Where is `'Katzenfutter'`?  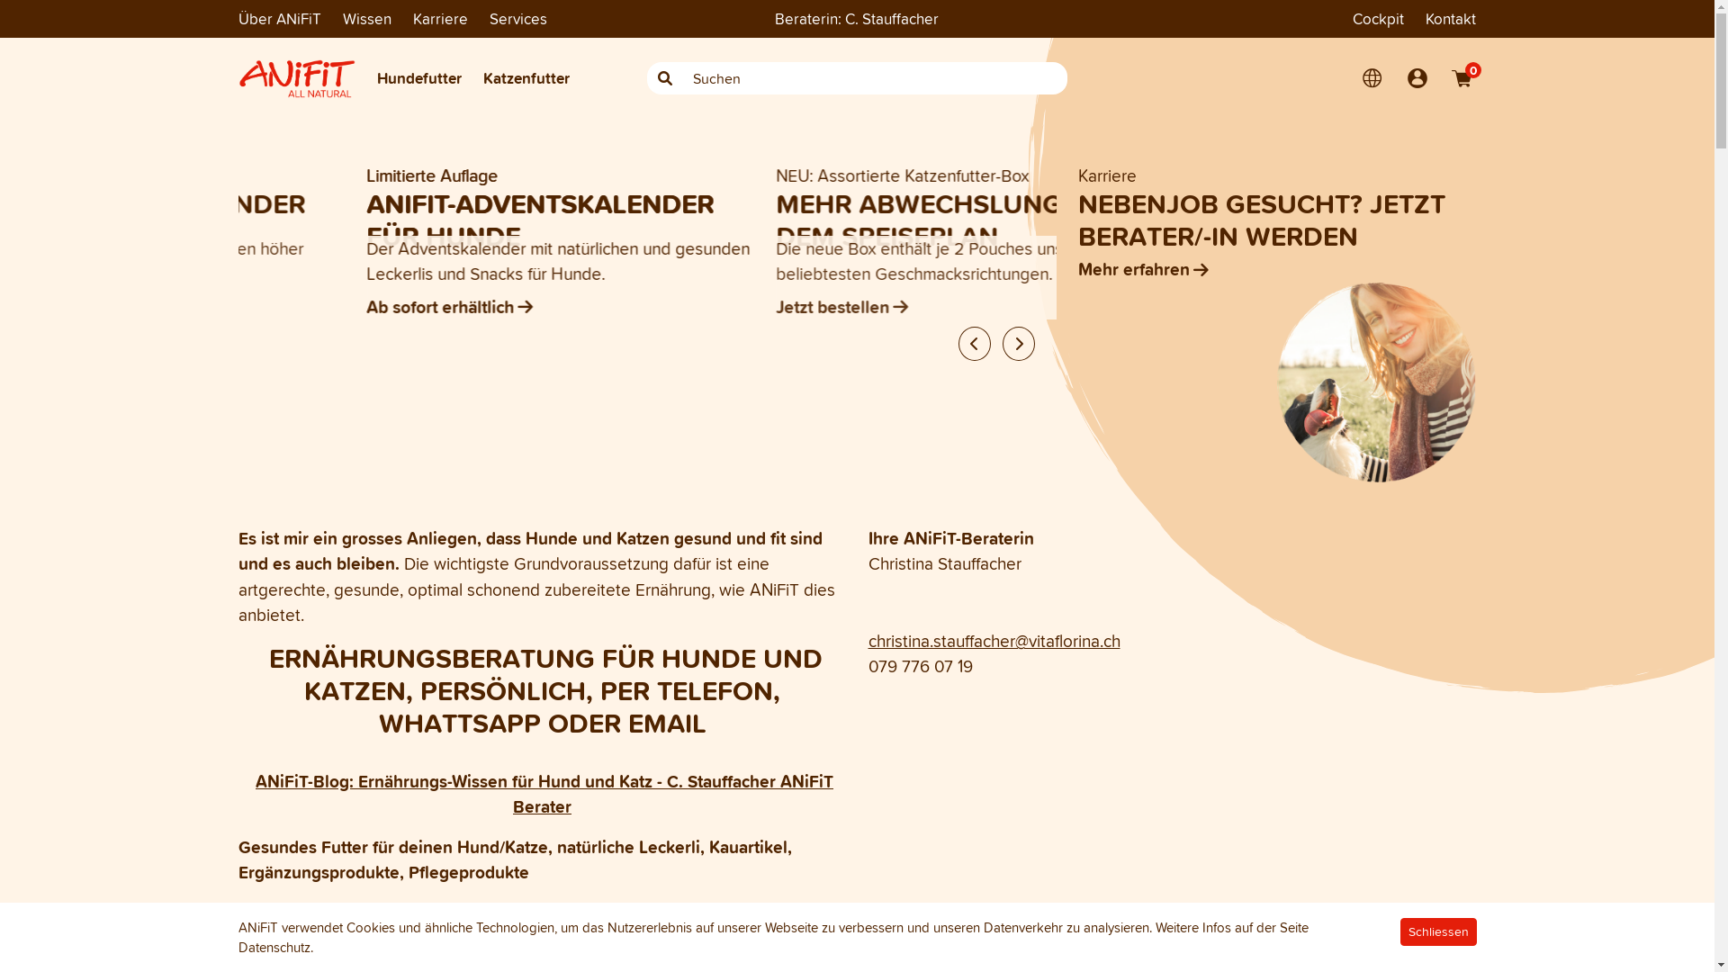
'Katzenfutter' is located at coordinates (525, 77).